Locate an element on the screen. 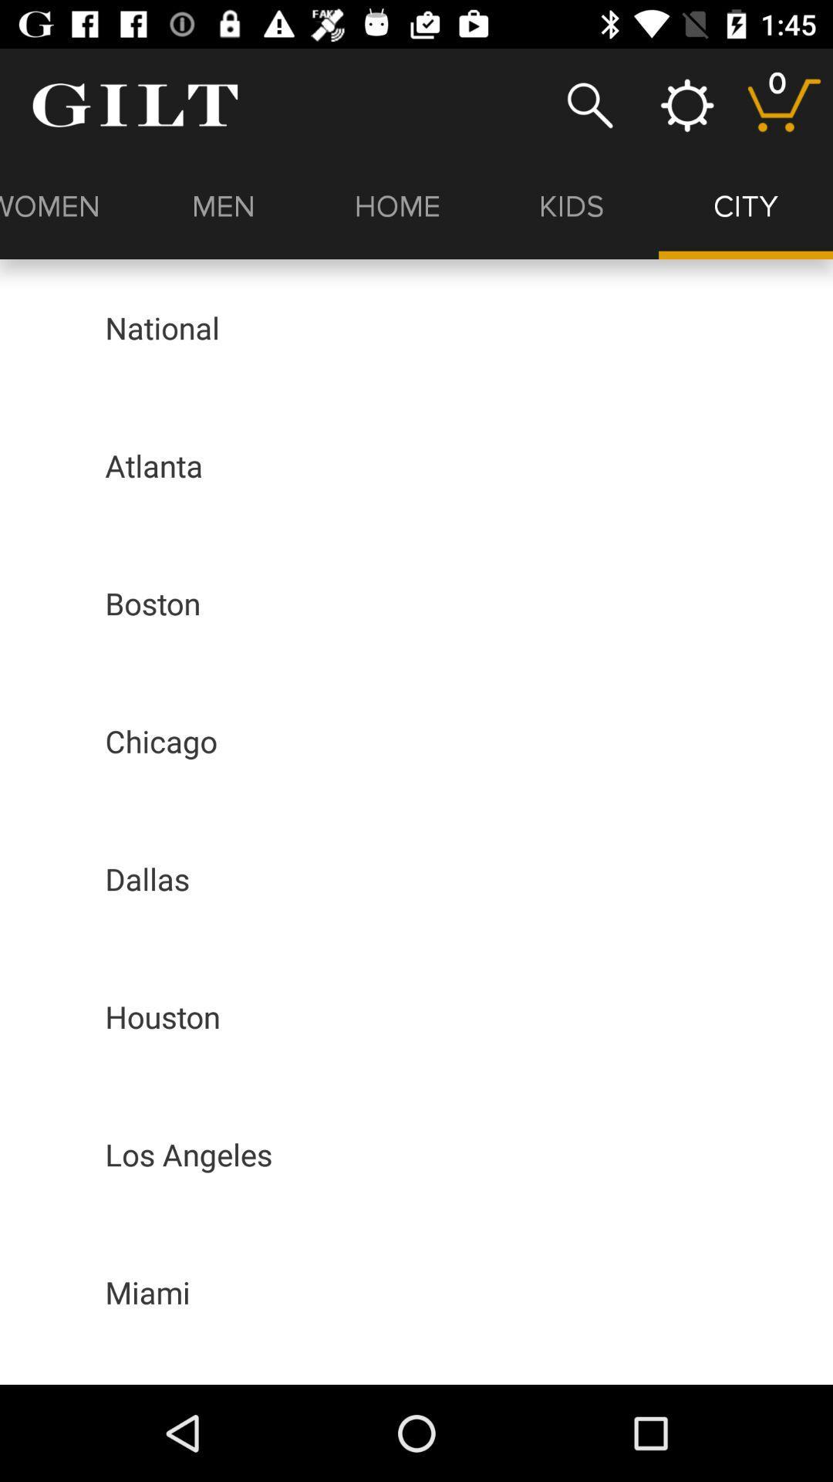 The height and width of the screenshot is (1482, 833). dallas is located at coordinates (147, 878).